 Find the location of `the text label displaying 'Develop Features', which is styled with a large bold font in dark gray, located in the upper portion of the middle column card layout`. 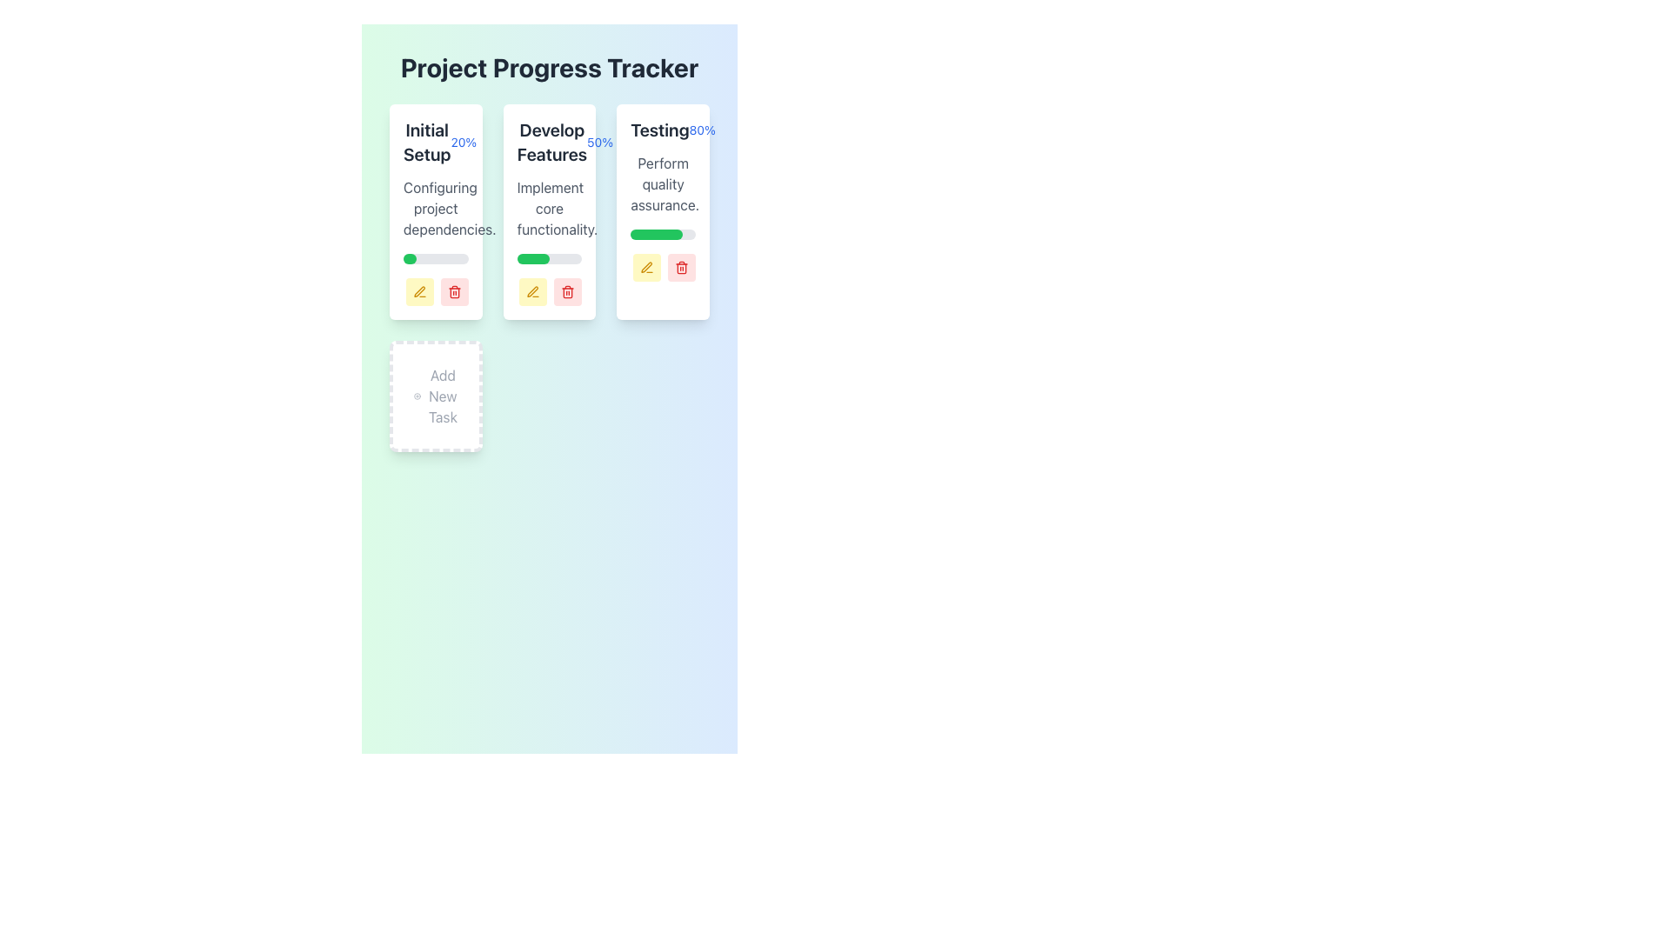

the text label displaying 'Develop Features', which is styled with a large bold font in dark gray, located in the upper portion of the middle column card layout is located at coordinates (551, 142).